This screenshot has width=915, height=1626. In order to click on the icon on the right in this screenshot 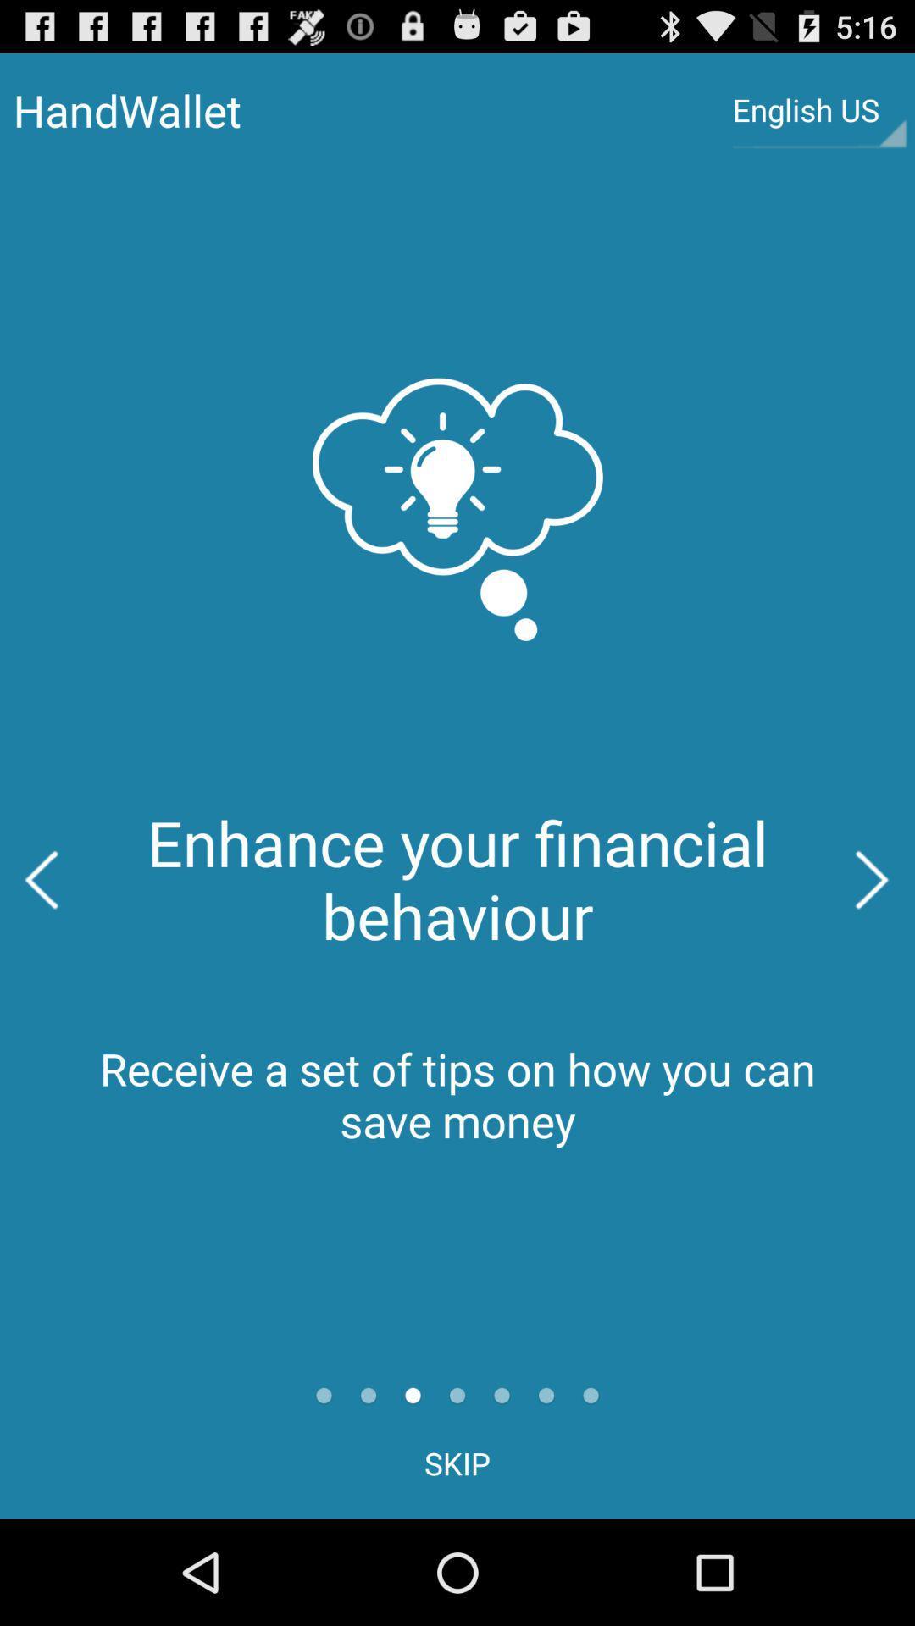, I will do `click(873, 880)`.